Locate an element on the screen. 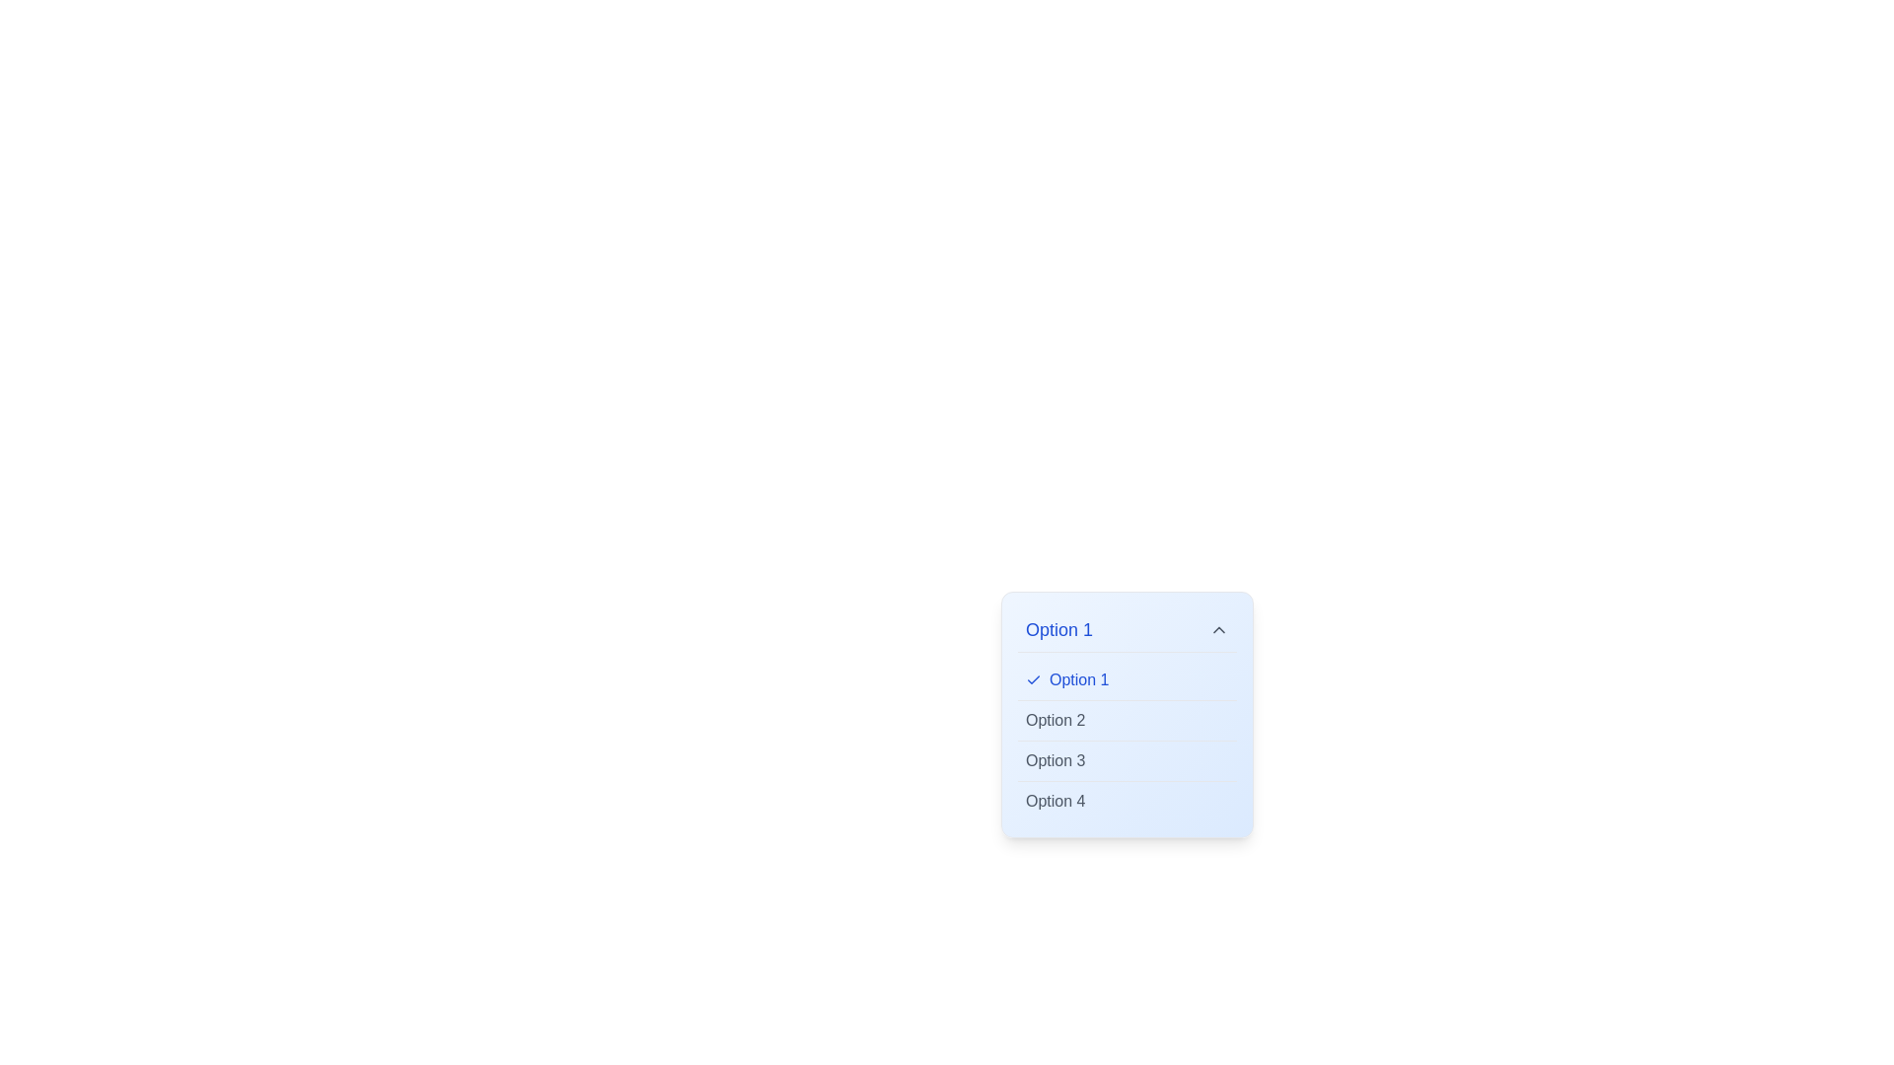 Image resolution: width=1894 pixels, height=1065 pixels. the small blue checkmark icon located to the left of the text 'Option 1' in the selectable row is located at coordinates (1032, 679).